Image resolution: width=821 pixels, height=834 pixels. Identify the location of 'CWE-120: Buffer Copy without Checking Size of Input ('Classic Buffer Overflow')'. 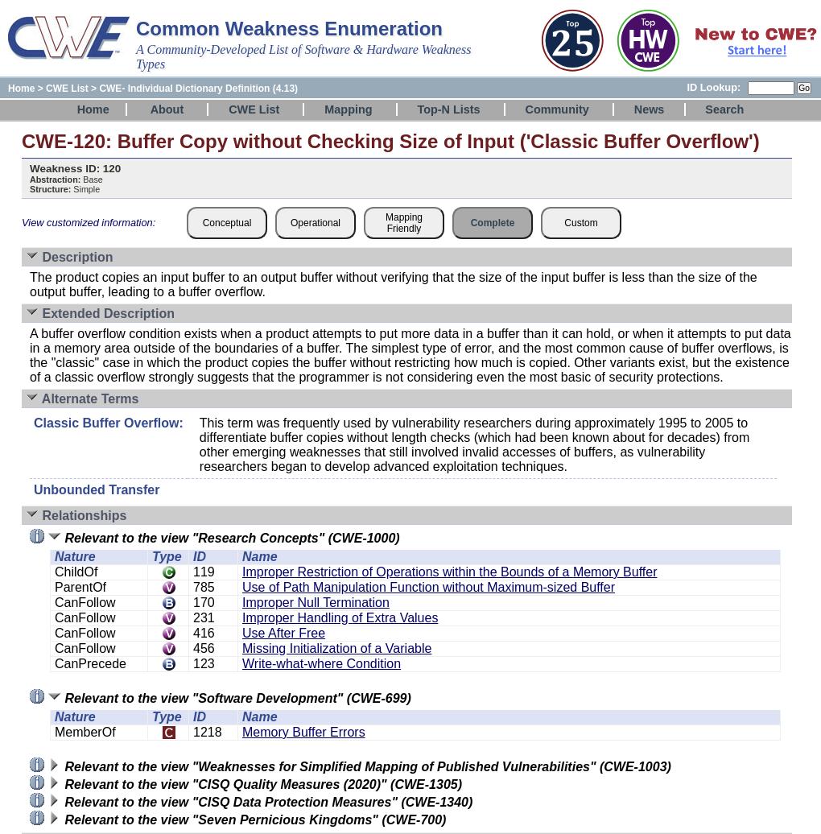
(390, 141).